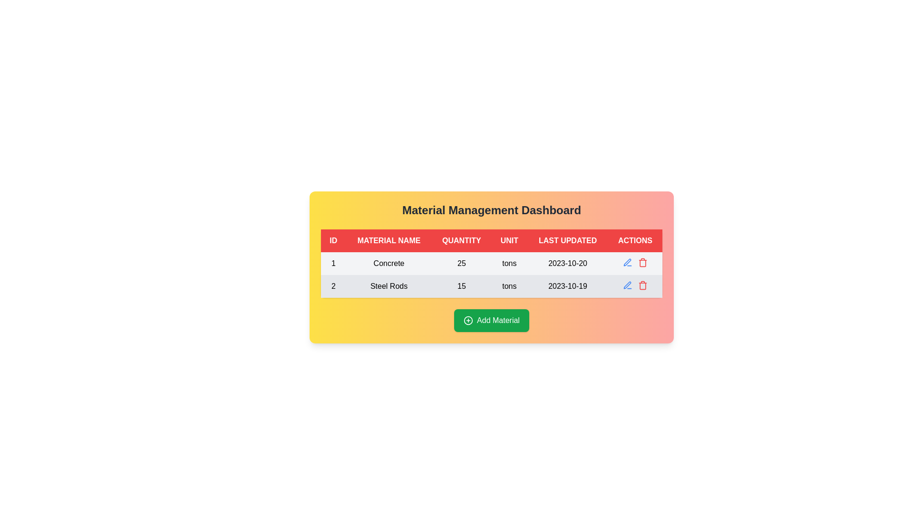  Describe the element at coordinates (333, 240) in the screenshot. I see `the bold, red-colored rectangular label containing the text 'ID' written in white, uppercase font, which is located in the first column of the table's header row` at that location.